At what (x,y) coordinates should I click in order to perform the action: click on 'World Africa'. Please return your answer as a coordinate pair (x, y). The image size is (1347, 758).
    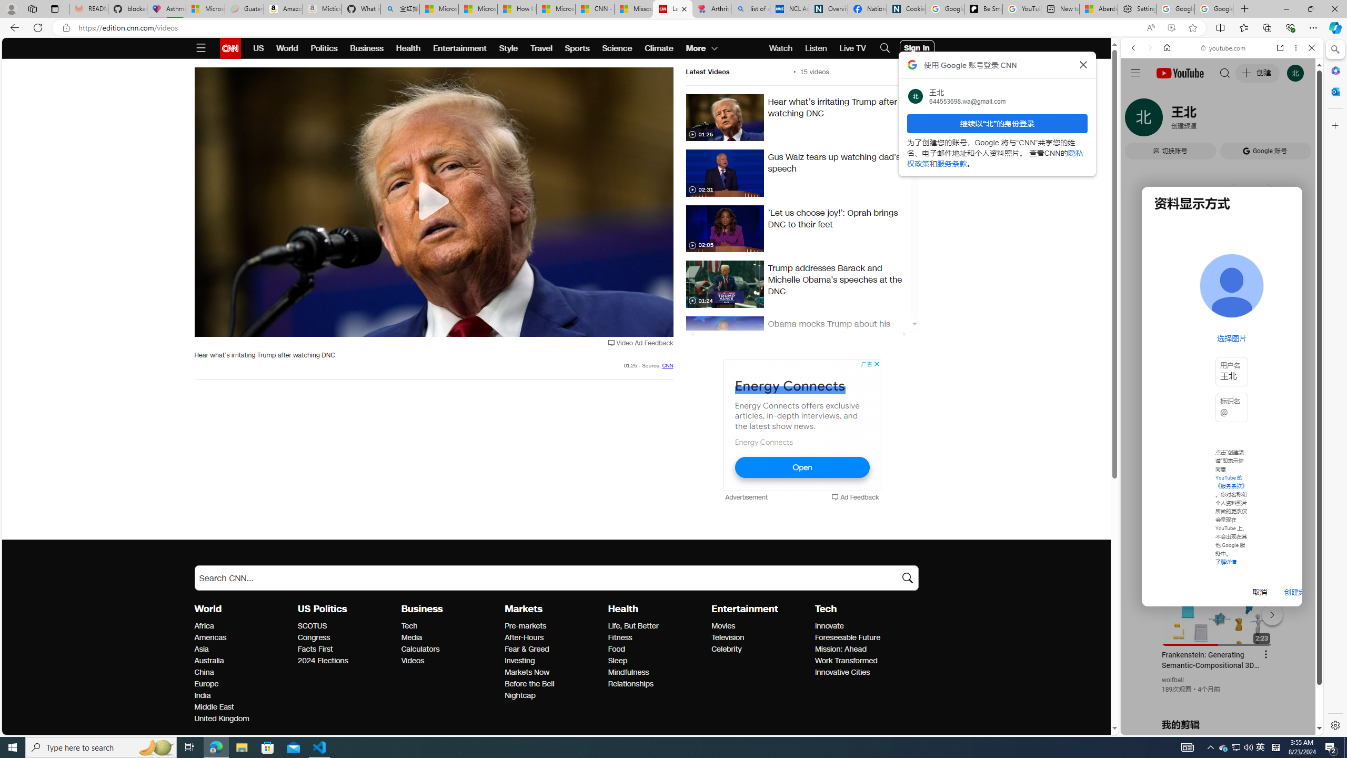
    Looking at the image, I should click on (204, 625).